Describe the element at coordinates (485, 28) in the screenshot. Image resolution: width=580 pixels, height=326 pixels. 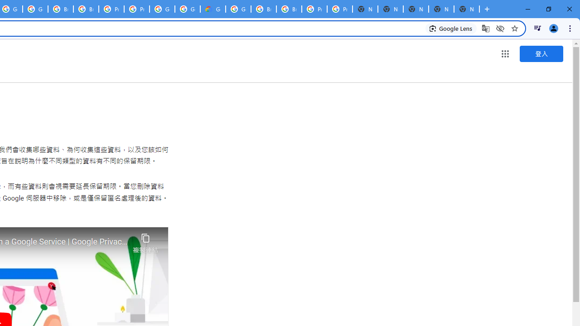
I see `'Translate this page'` at that location.